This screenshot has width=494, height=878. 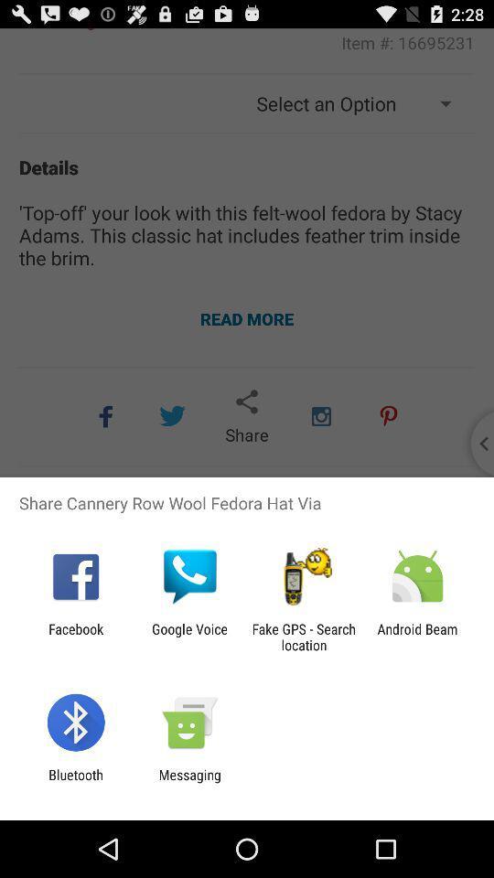 I want to click on item next to the fake gps search icon, so click(x=188, y=637).